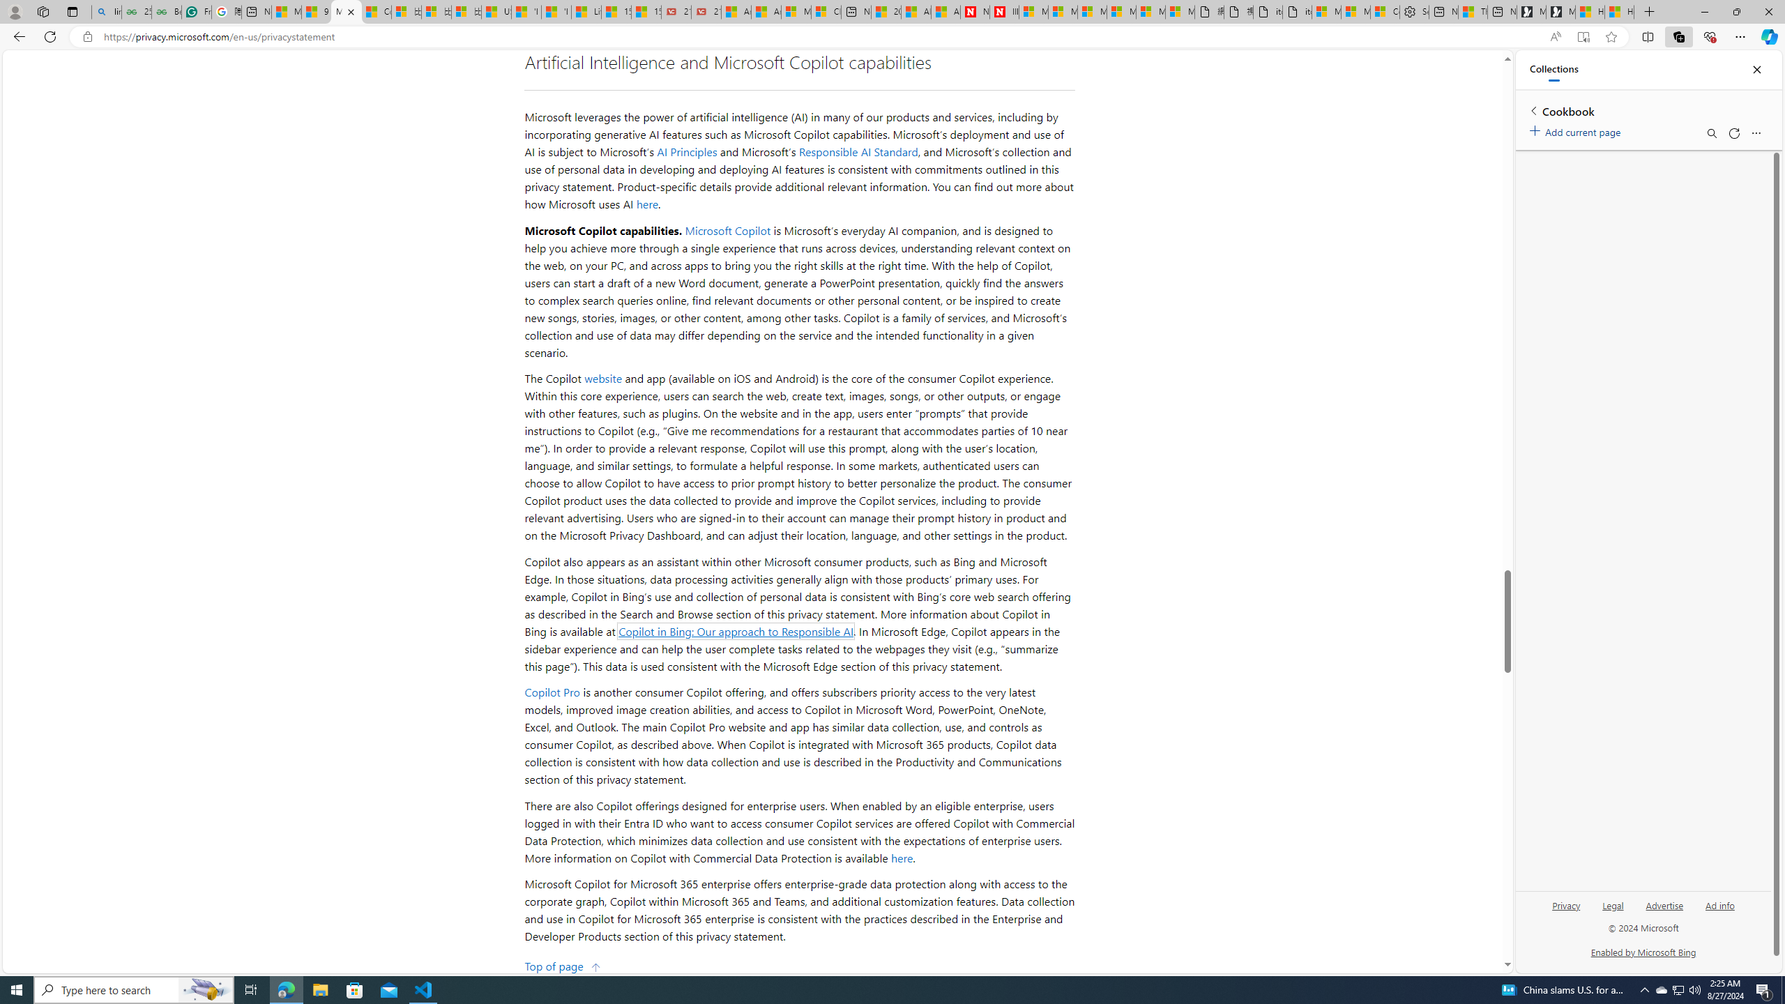  I want to click on 'How to Use a TV as a Computer Monitor', so click(1620, 11).